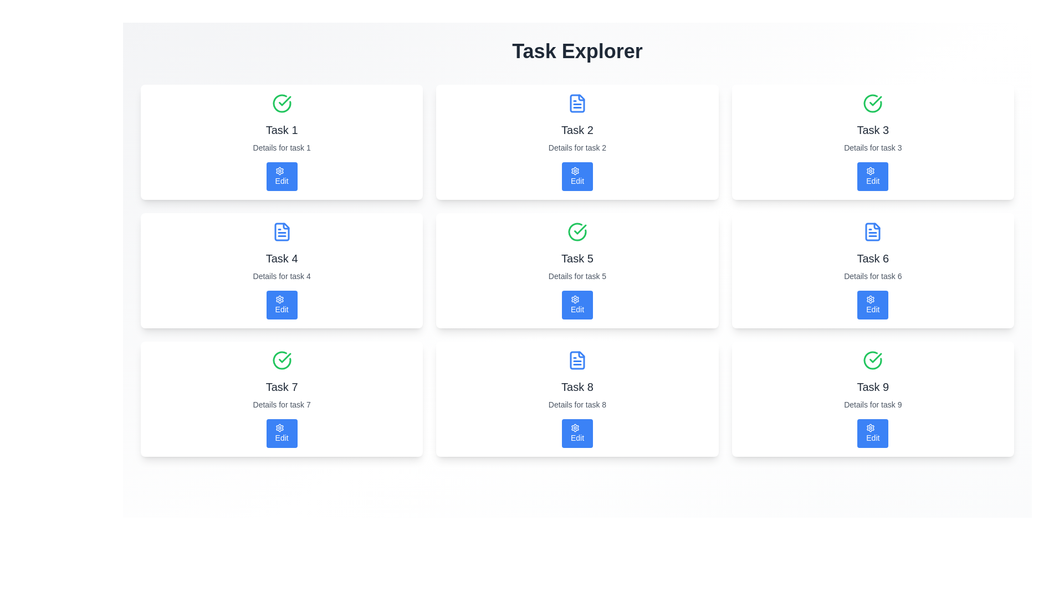 The image size is (1064, 598). What do you see at coordinates (282, 130) in the screenshot?
I see `the title text label in the upper part of the first task card, which is positioned between a green check icon and a smaller description text` at bounding box center [282, 130].